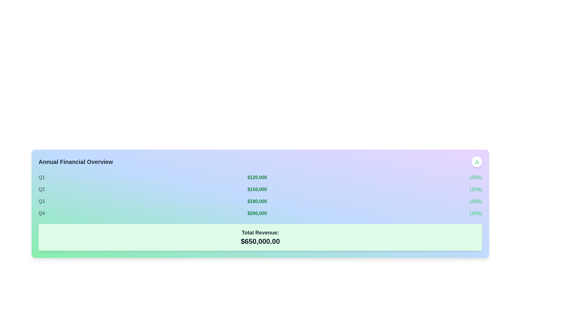  What do you see at coordinates (476, 213) in the screenshot?
I see `the static text label that indicates the percentage change for the 'Q4' row, located to the right of the '$200,000' value in the table layout` at bounding box center [476, 213].